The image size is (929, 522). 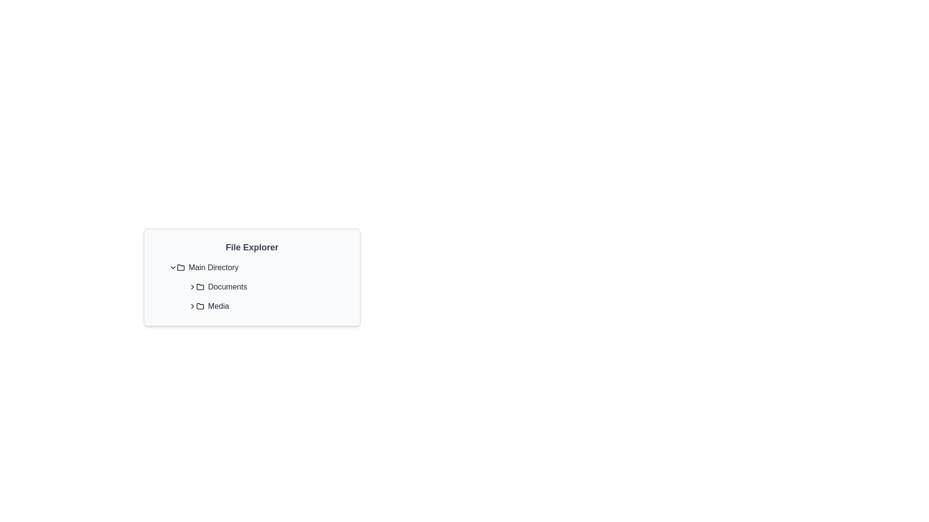 What do you see at coordinates (193, 287) in the screenshot?
I see `the rightward-pointing chevron icon` at bounding box center [193, 287].